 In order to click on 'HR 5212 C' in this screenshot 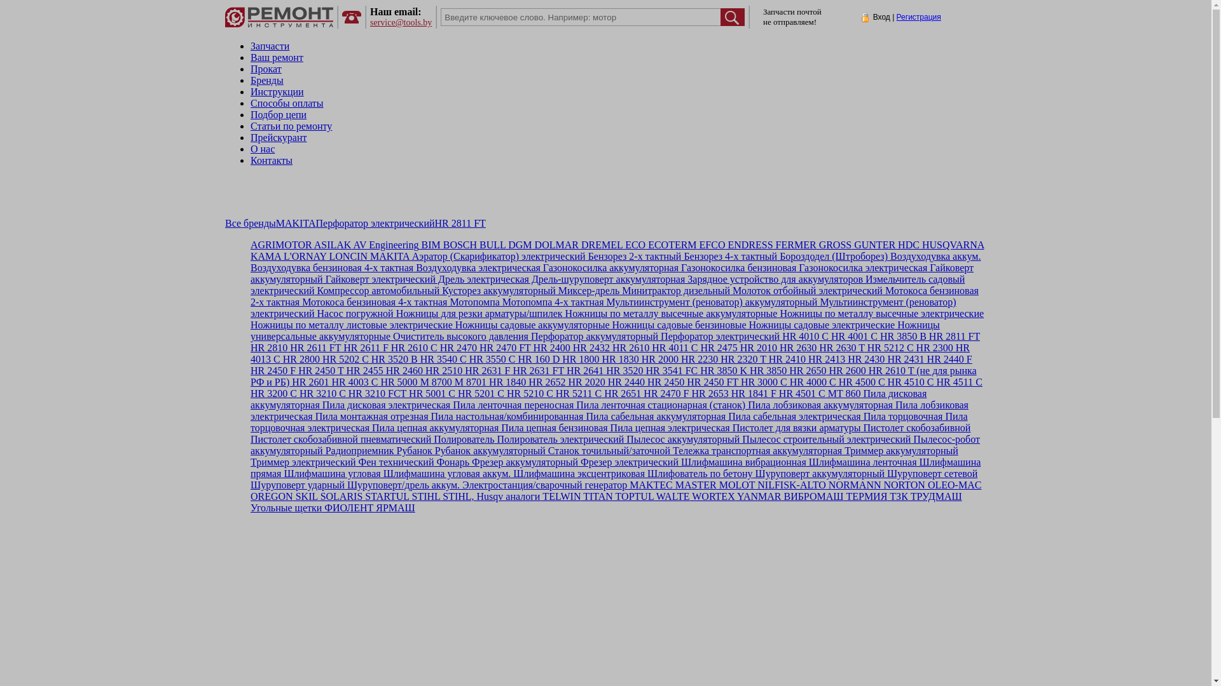, I will do `click(888, 347)`.